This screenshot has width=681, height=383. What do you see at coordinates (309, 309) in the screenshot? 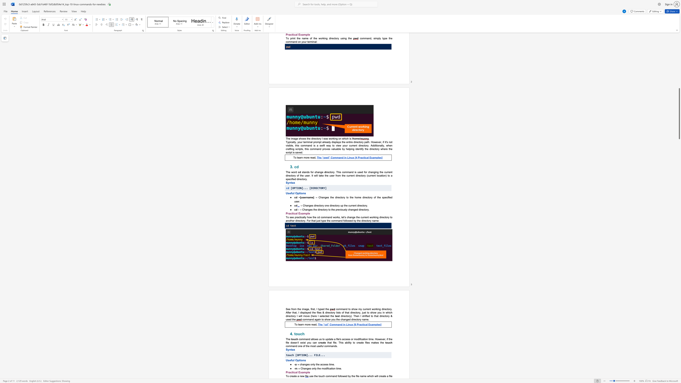
I see `the subset text ", first, I" within the text "See from the image, first, I typed the"` at bounding box center [309, 309].